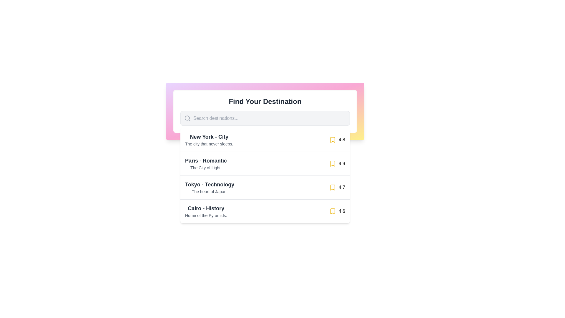  What do you see at coordinates (333, 187) in the screenshot?
I see `the bookmark icon, which is a yellow, geometric-shaped icon located to the right of the text 'Tokyo - Technology' and to the left of the rating value of 4.7 in the third list entry` at bounding box center [333, 187].